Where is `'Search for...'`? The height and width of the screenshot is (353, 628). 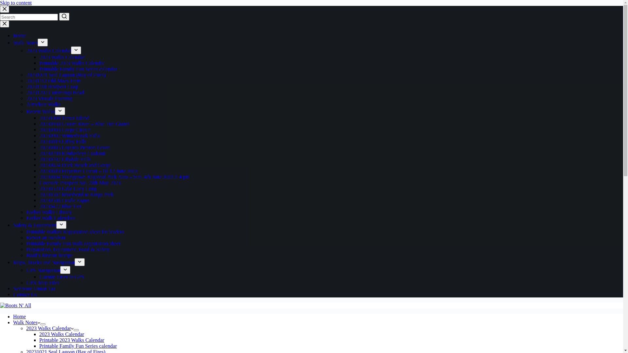
'Search for...' is located at coordinates (28, 17).